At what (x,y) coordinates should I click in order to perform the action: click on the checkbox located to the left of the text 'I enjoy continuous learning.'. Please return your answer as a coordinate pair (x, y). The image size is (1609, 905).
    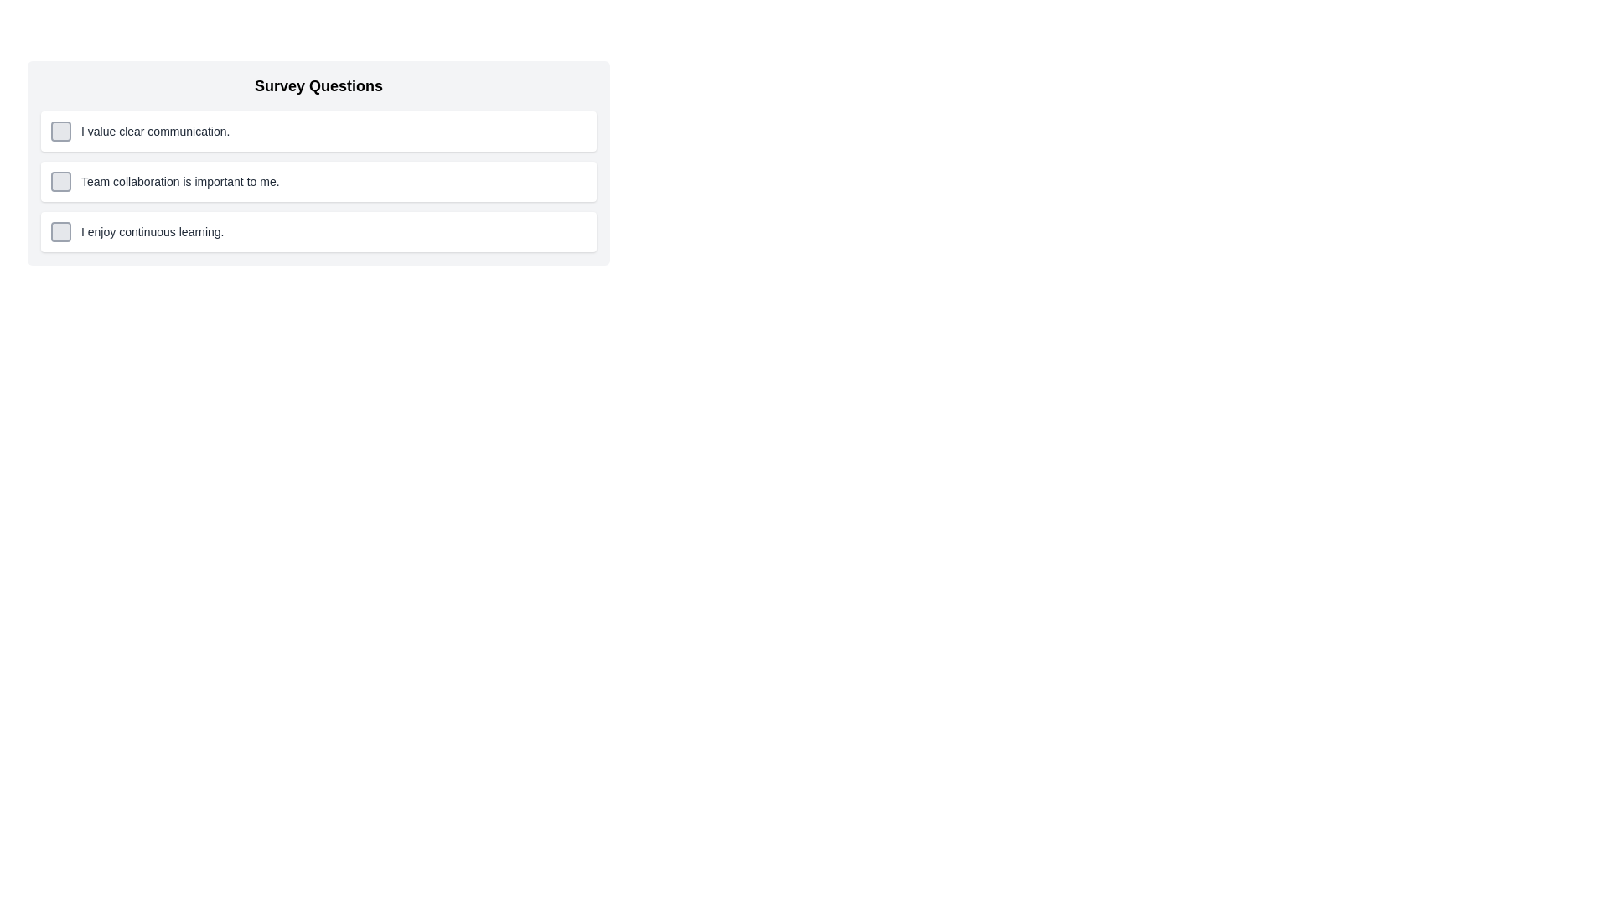
    Looking at the image, I should click on (60, 232).